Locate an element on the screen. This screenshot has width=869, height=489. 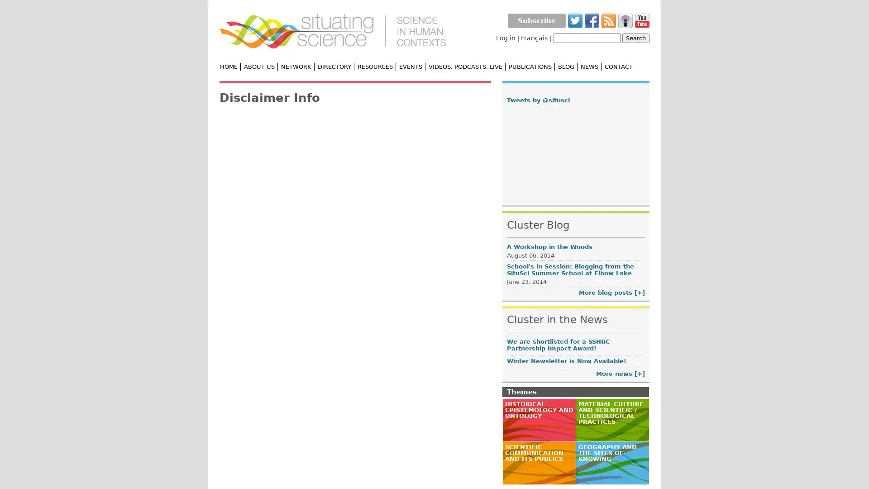
Search is located at coordinates (635, 38).